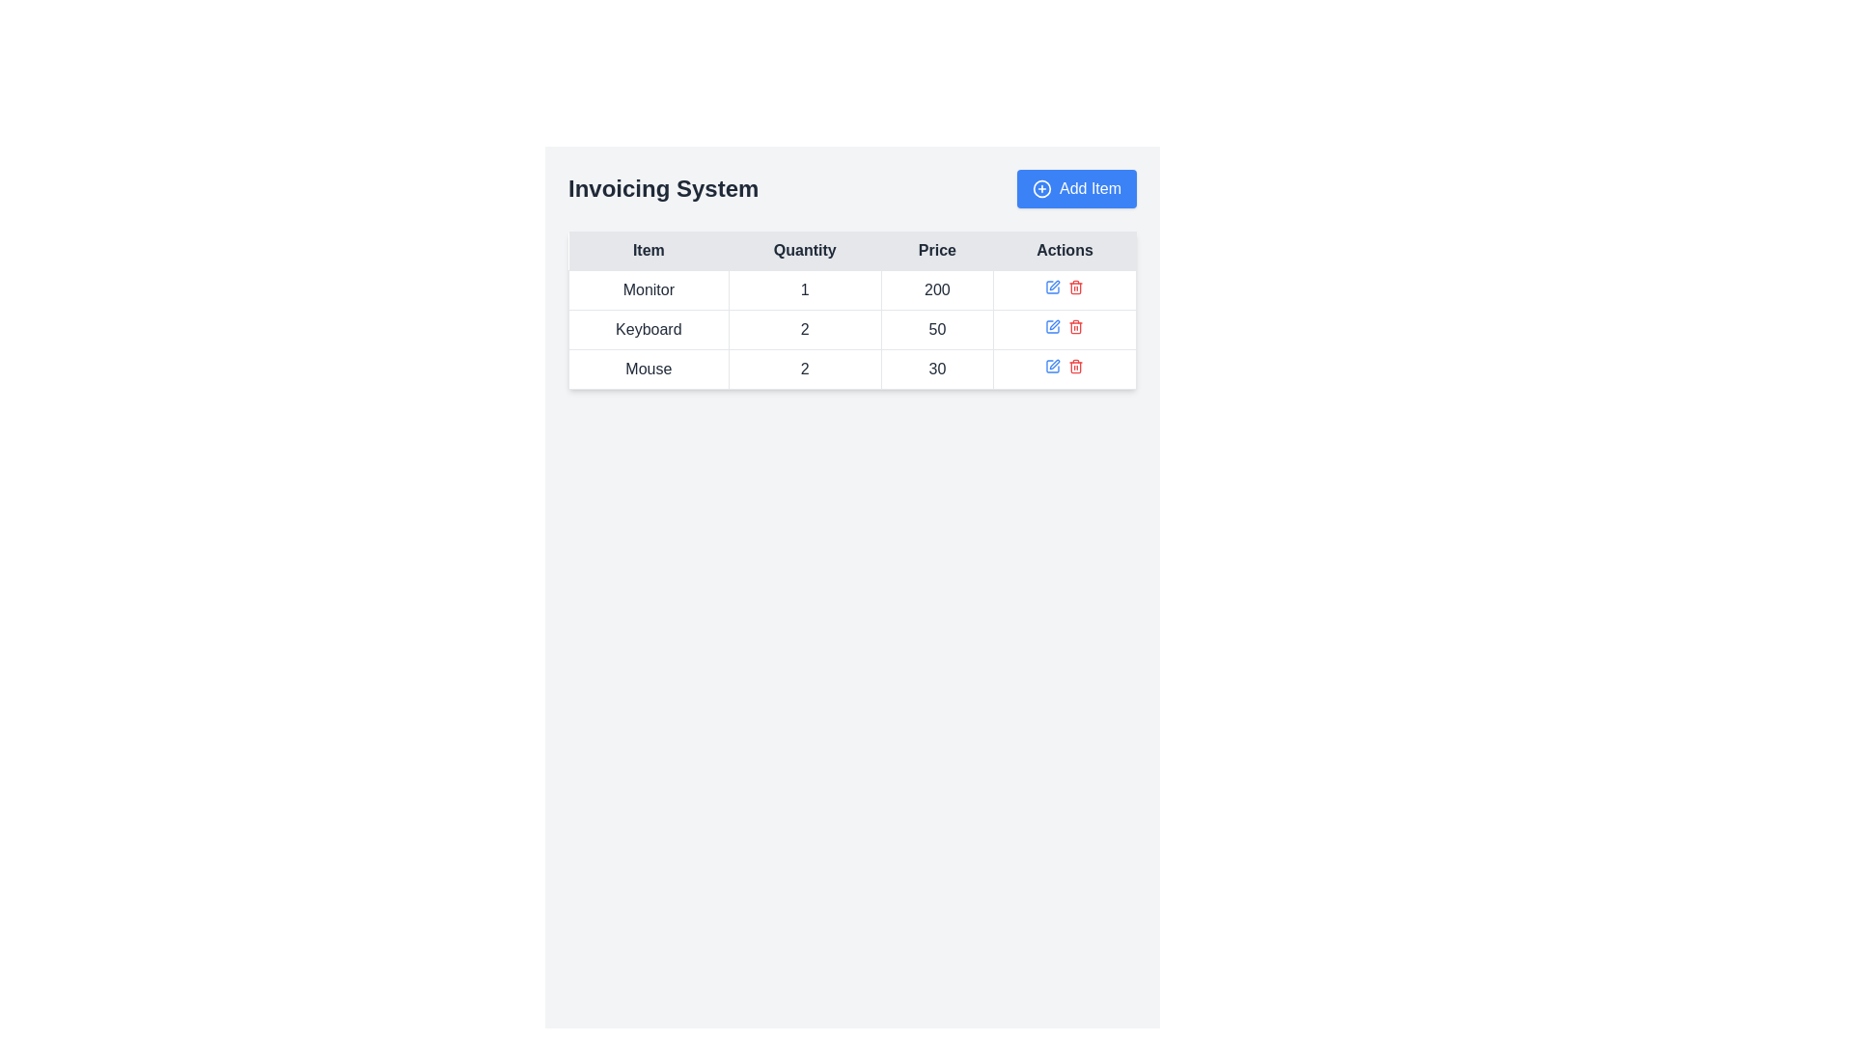 This screenshot has height=1042, width=1853. Describe the element at coordinates (1052, 326) in the screenshot. I see `the edit button located in the second row of the 'Actions' column in the table below the 'Invoicing System' heading` at that location.